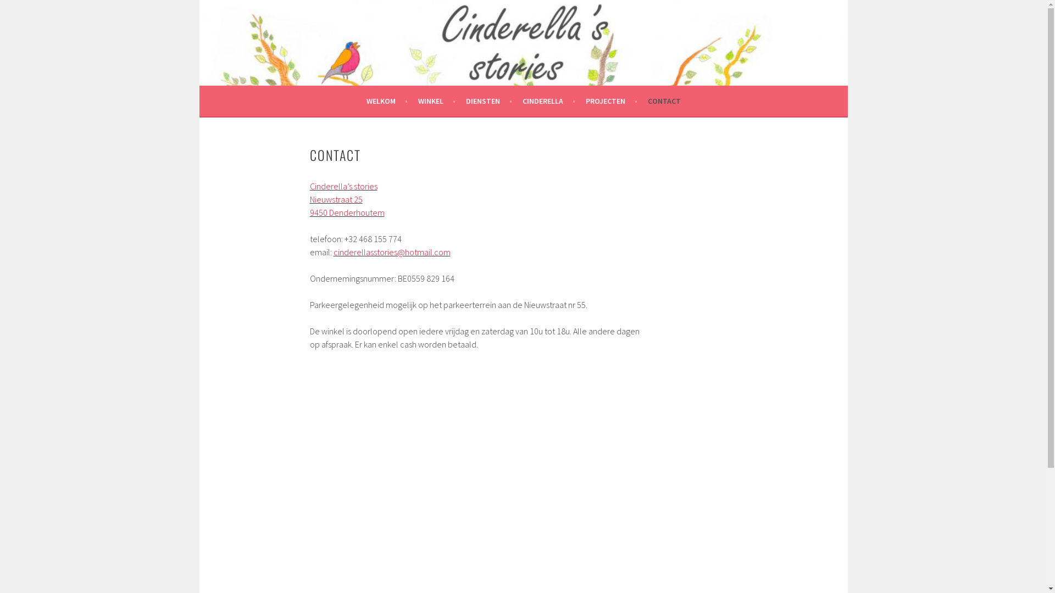  What do you see at coordinates (391, 252) in the screenshot?
I see `'cinderellasstories@hotmail.com'` at bounding box center [391, 252].